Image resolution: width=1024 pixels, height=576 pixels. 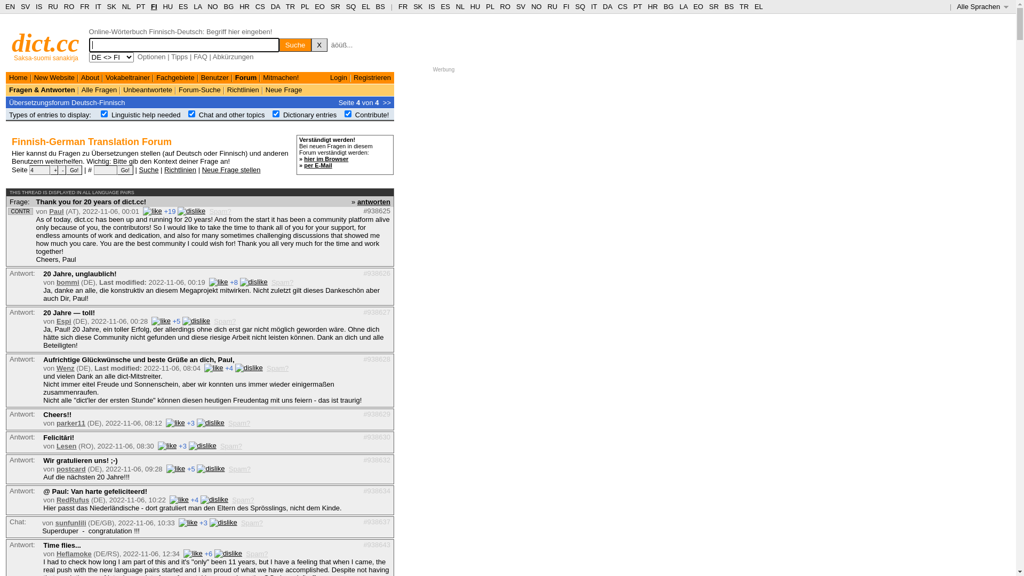 I want to click on '#938630', so click(x=363, y=437).